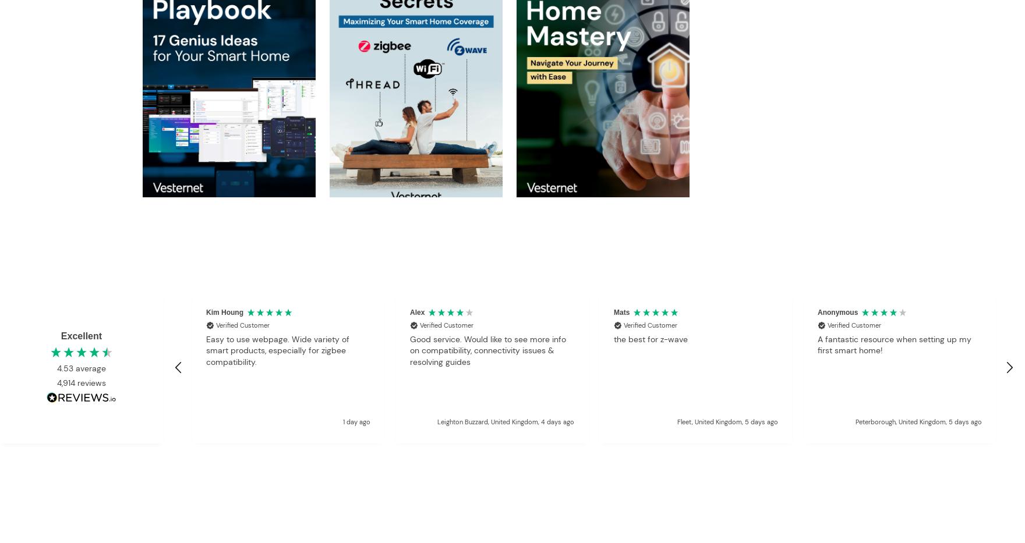  Describe the element at coordinates (277, 350) in the screenshot. I see `'Easy to use webpage. Wide variety of smart products, especially for zigbee compatibility.'` at that location.